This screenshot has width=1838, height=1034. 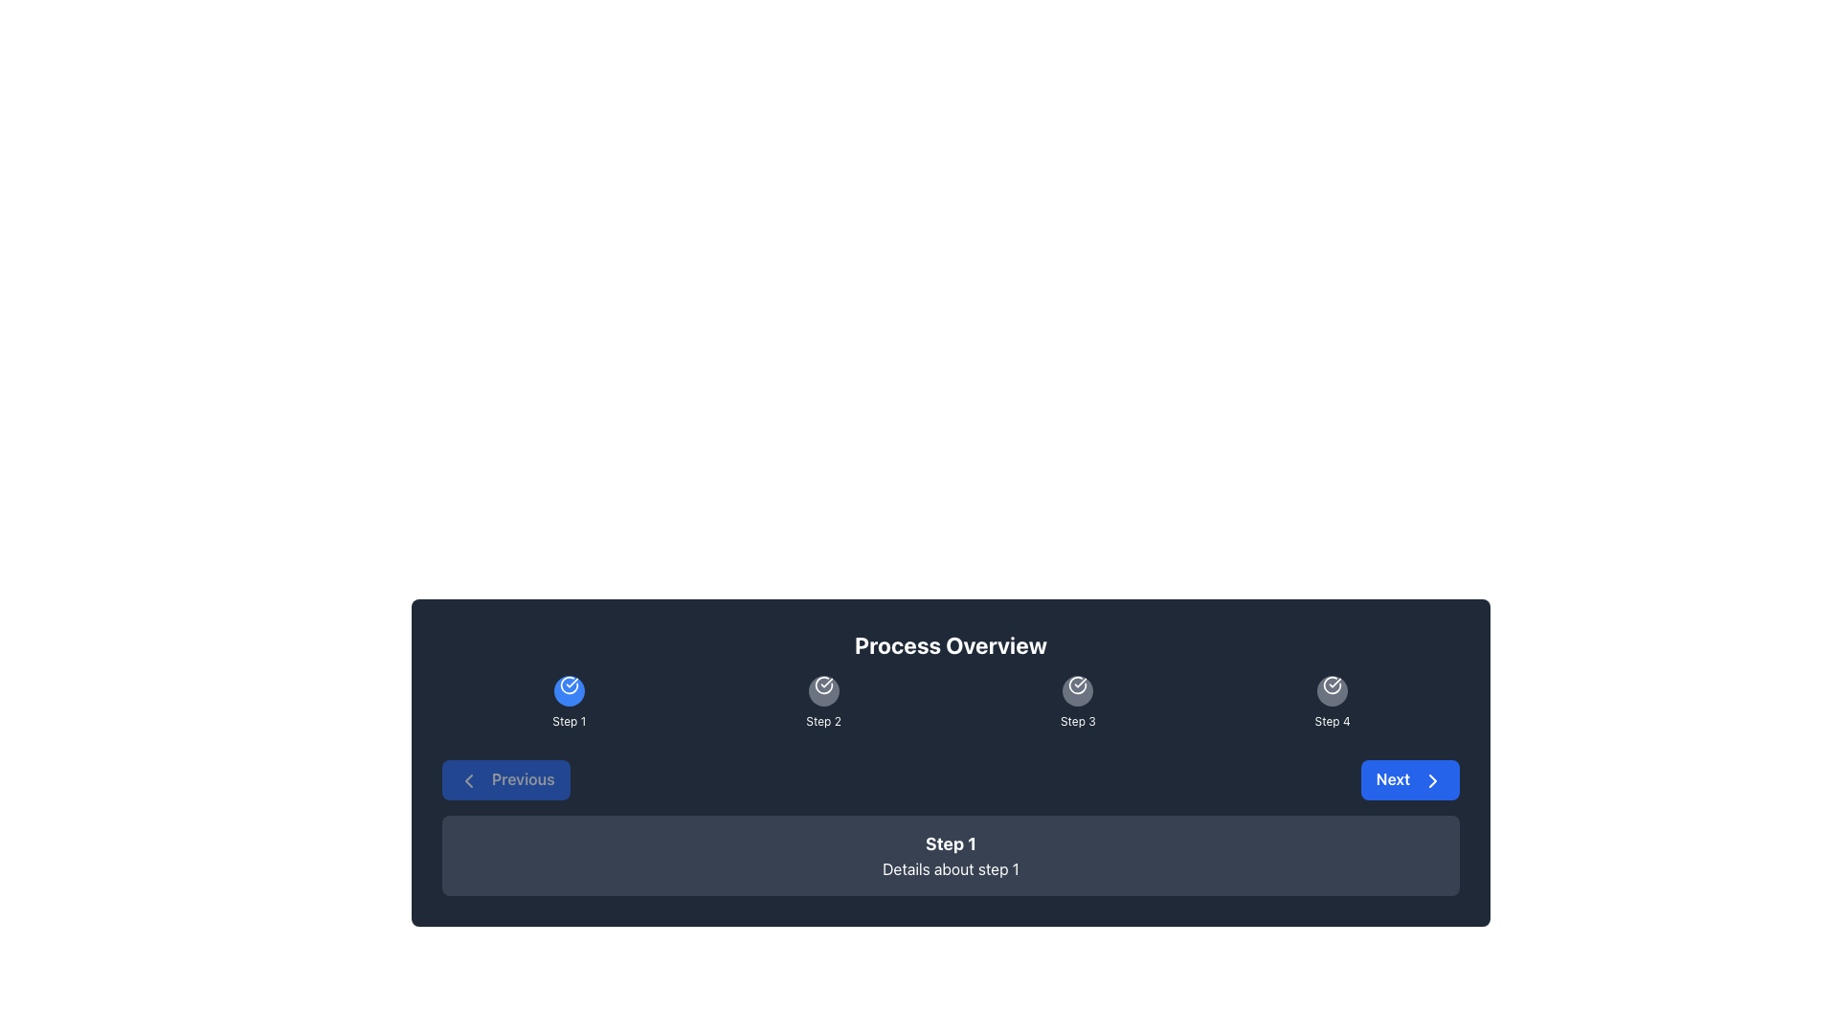 I want to click on the circular Status Indicator with a gray background and white checkmark, indicating a completed step in the Step 2 section of the horizontal progression bar, so click(x=823, y=690).